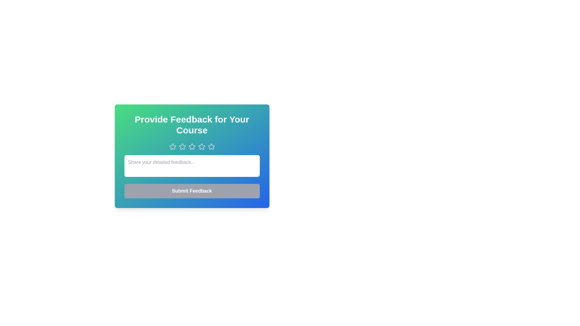 The image size is (580, 326). I want to click on the star corresponding to the rating 3 to set it, so click(192, 147).